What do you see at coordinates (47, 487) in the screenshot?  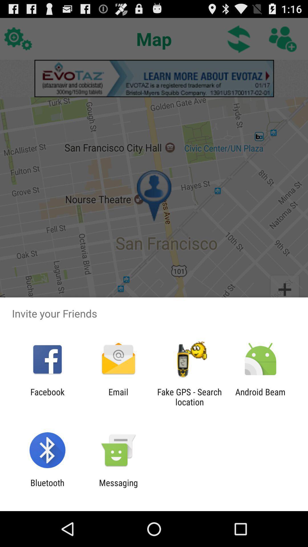 I see `the bluetooth item` at bounding box center [47, 487].